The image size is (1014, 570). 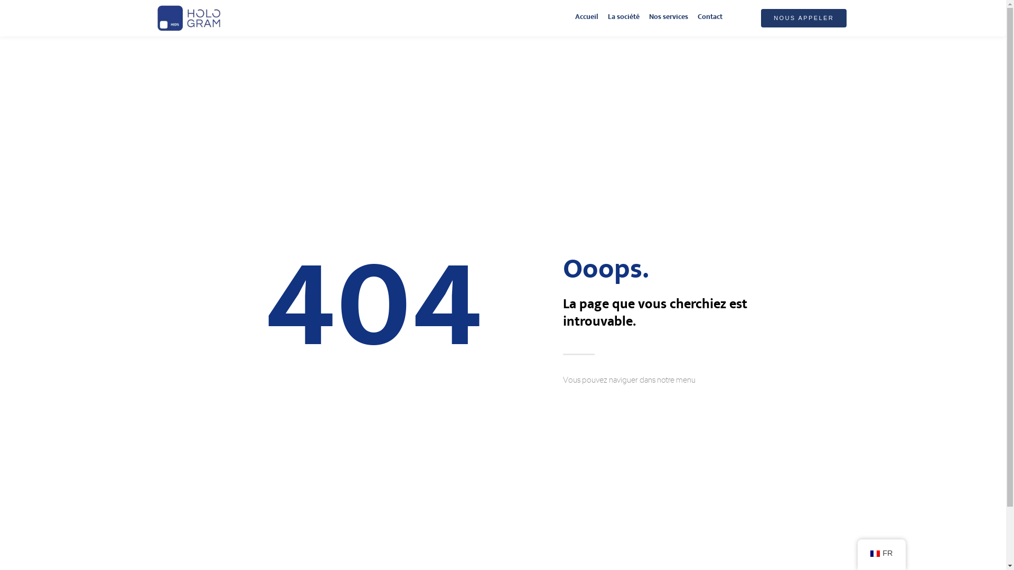 I want to click on 'Accueil', so click(x=586, y=18).